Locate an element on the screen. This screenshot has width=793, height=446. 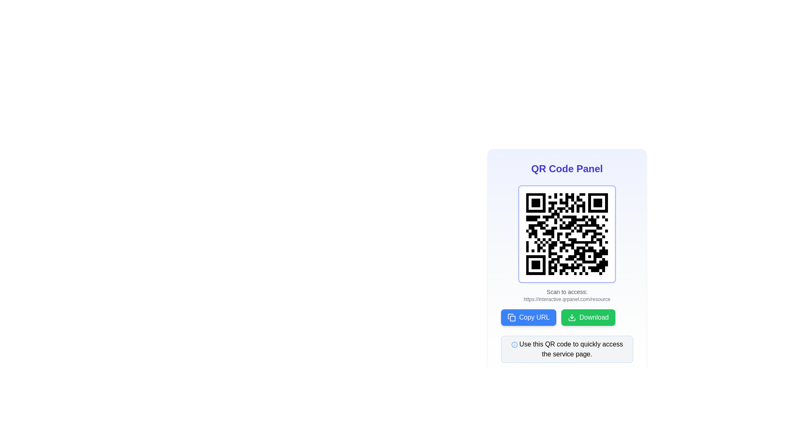
the button to the left of the 'Download' button, which copies the displayed URL to the clipboard is located at coordinates (528, 317).